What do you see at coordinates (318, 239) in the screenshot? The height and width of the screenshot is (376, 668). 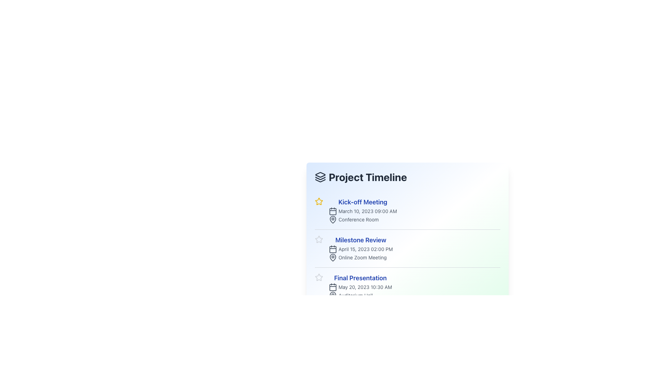 I see `the star icon outlined in gray, located to the left of the text 'Milestone Review'` at bounding box center [318, 239].